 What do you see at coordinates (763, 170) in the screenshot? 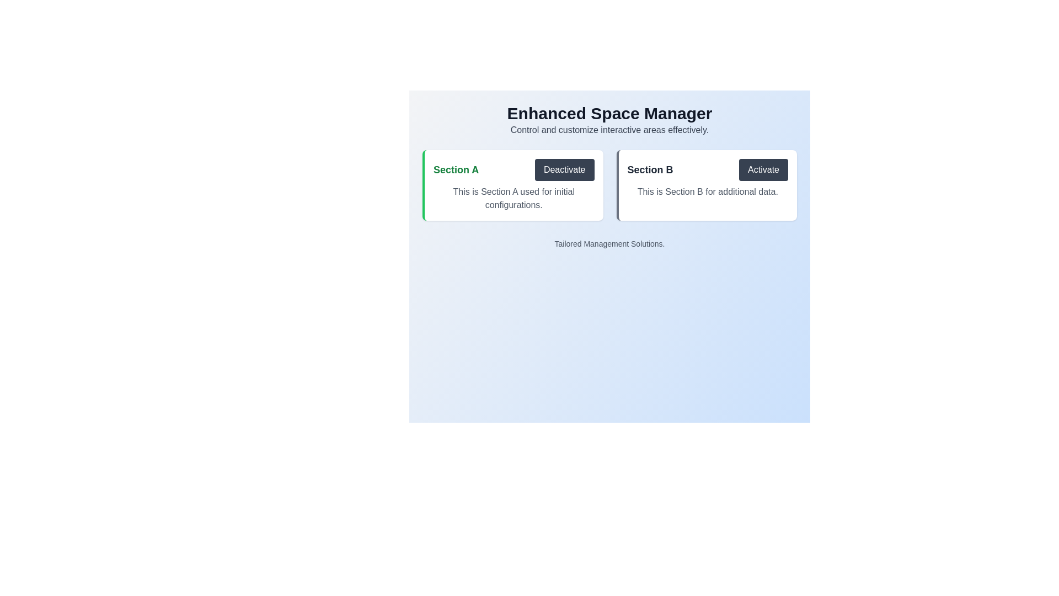
I see `the 'Activate' button located in the top-right of 'Section B', which has a dark gray background and white text` at bounding box center [763, 170].